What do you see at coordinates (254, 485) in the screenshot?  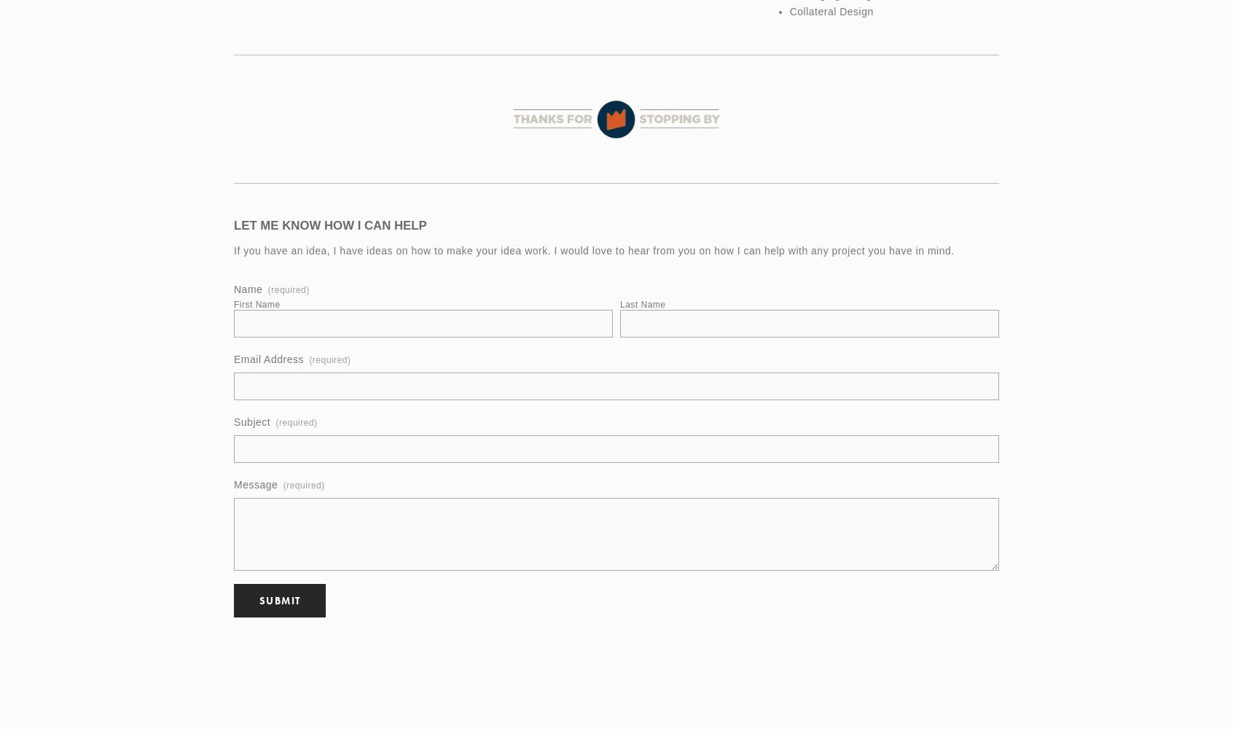 I see `'Message'` at bounding box center [254, 485].